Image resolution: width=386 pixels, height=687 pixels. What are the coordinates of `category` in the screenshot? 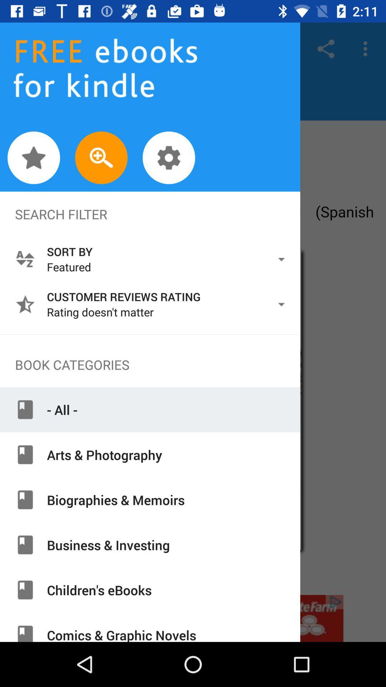 It's located at (193, 618).